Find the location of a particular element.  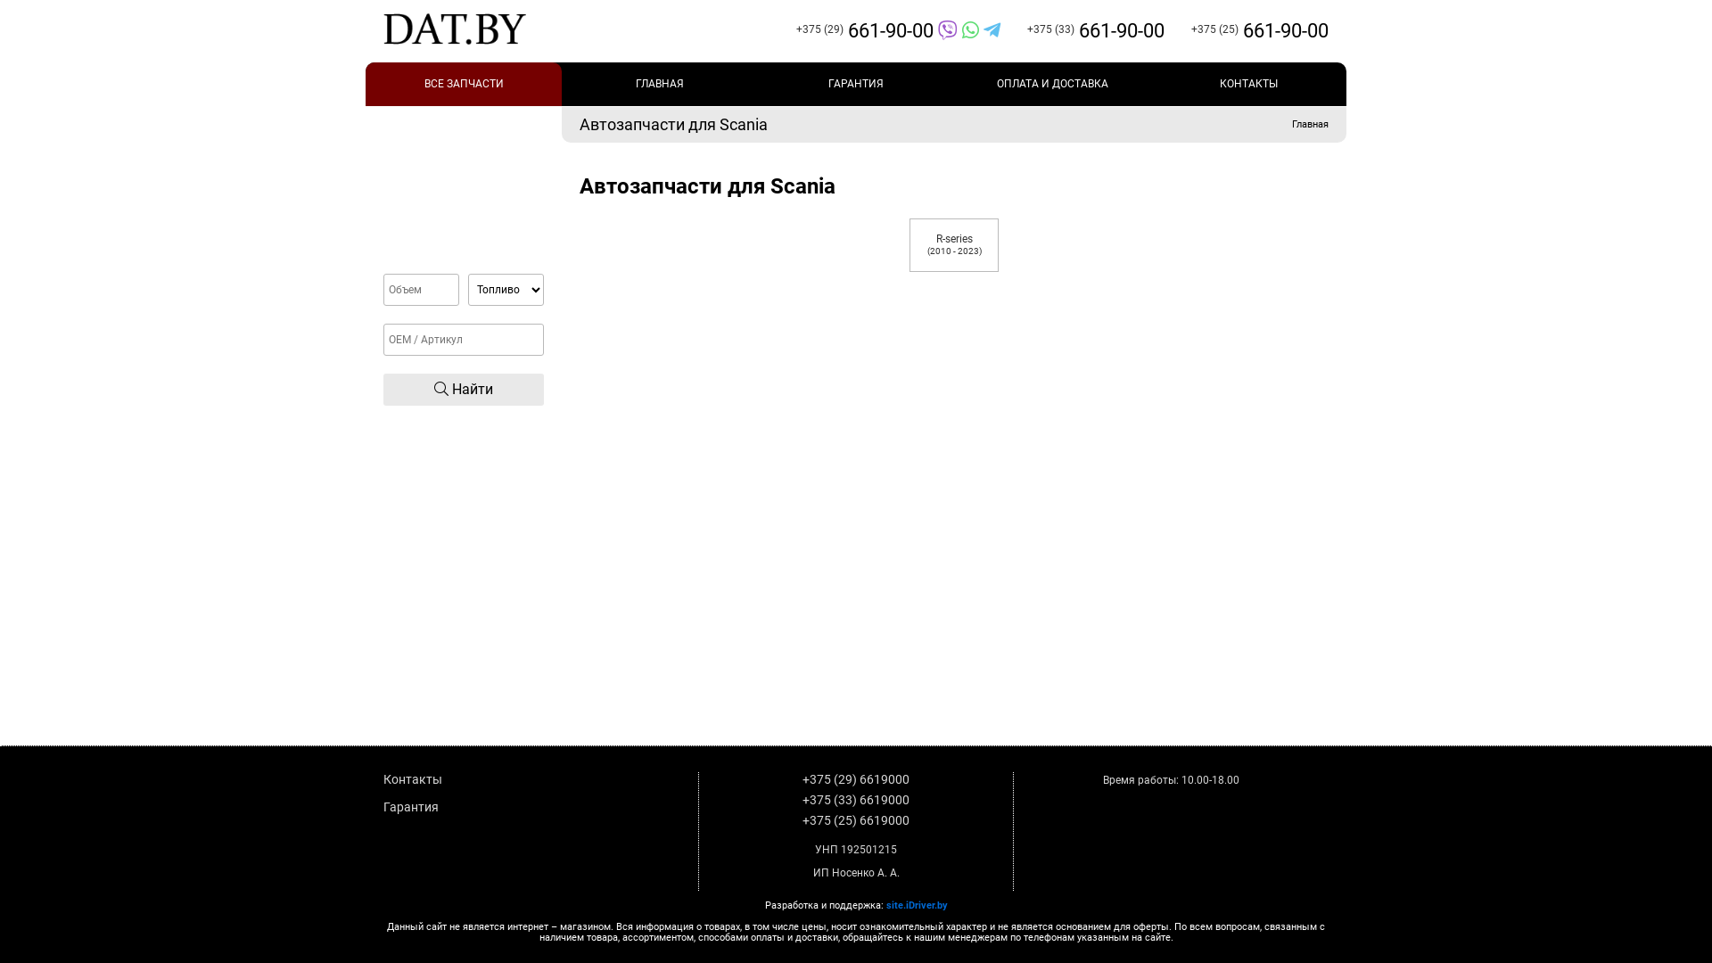

'+375 (25) is located at coordinates (1245, 30).